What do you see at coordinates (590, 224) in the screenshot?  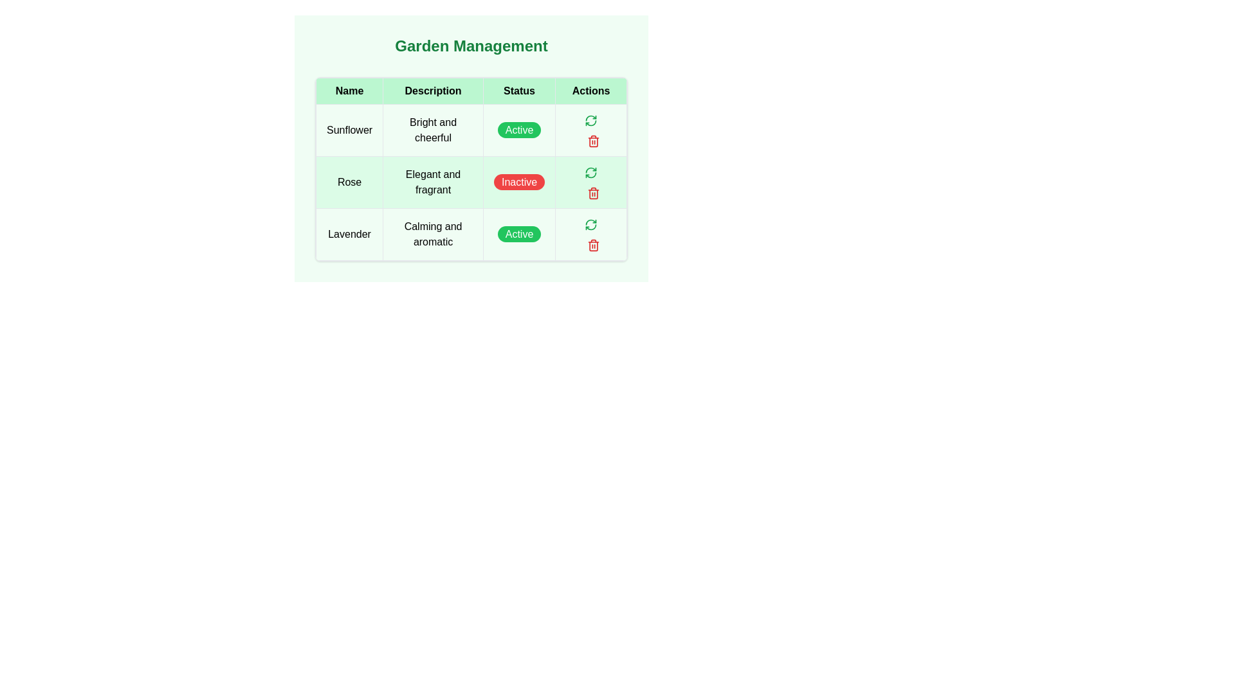 I see `the circular refresh icon with two arrows, located in the Actions column of the second row corresponding to the item 'Rose'` at bounding box center [590, 224].